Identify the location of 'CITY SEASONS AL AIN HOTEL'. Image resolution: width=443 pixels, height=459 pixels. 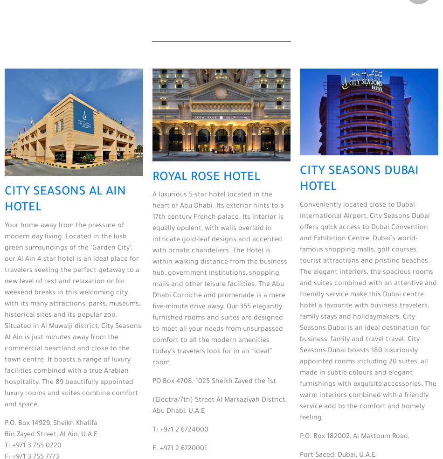
(4, 200).